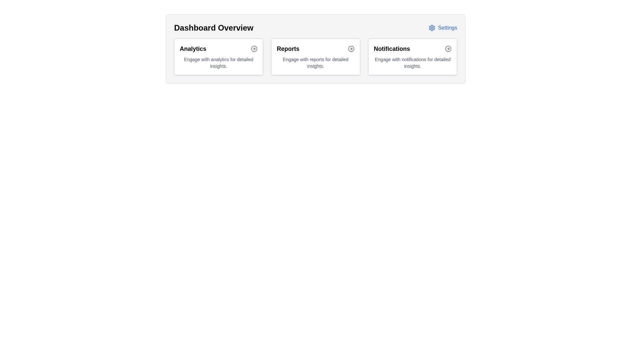 Image resolution: width=638 pixels, height=359 pixels. Describe the element at coordinates (392, 48) in the screenshot. I see `the 'Notifications' text label, which is prominently displayed in bold black typeface and capitalized, located within a card-like component to the right of 'Analytics' and 'Reports'` at that location.